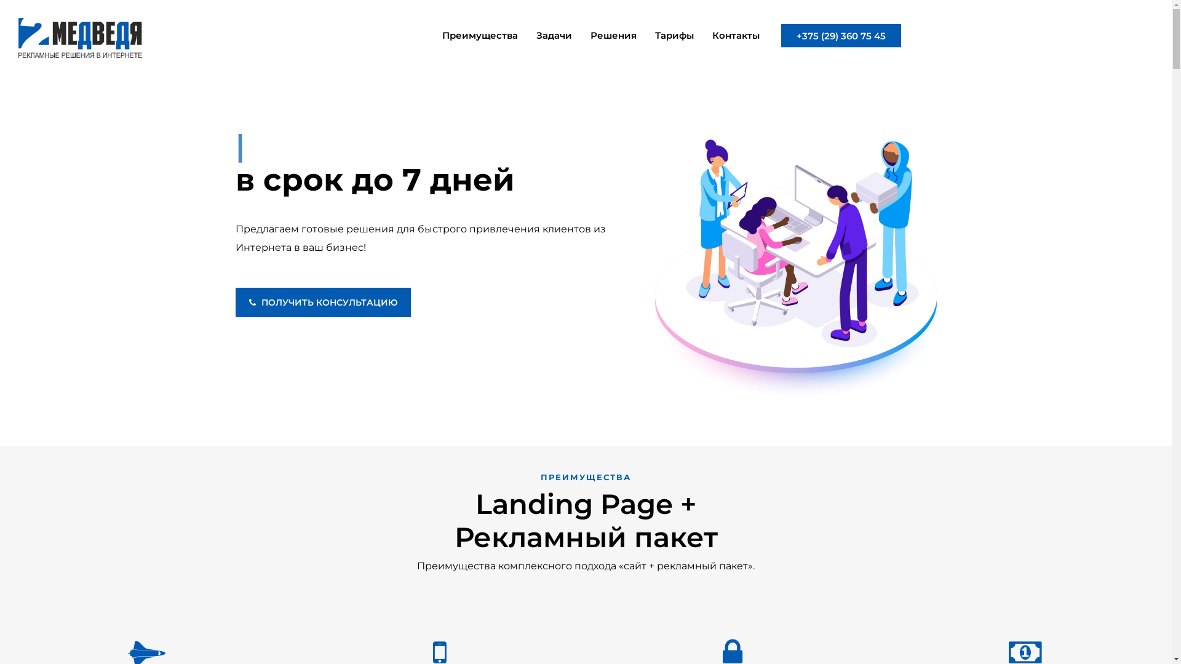 The image size is (1181, 664). Describe the element at coordinates (781, 34) in the screenshot. I see `'+375 (29) 360 75 45'` at that location.